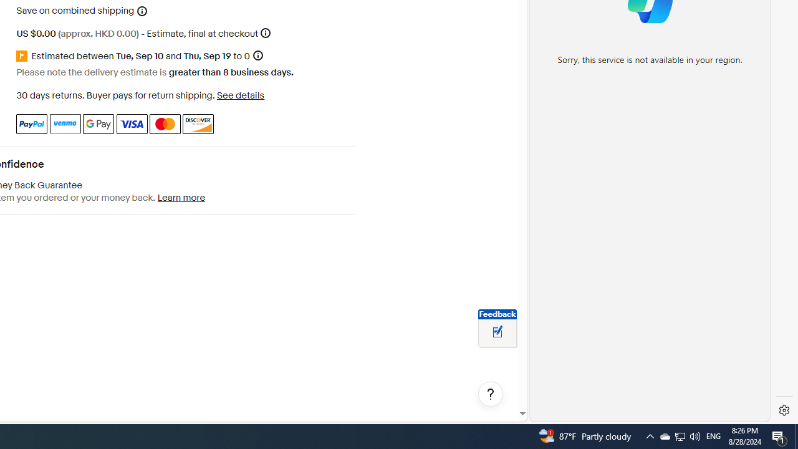  What do you see at coordinates (98, 123) in the screenshot?
I see `'Google Pay'` at bounding box center [98, 123].